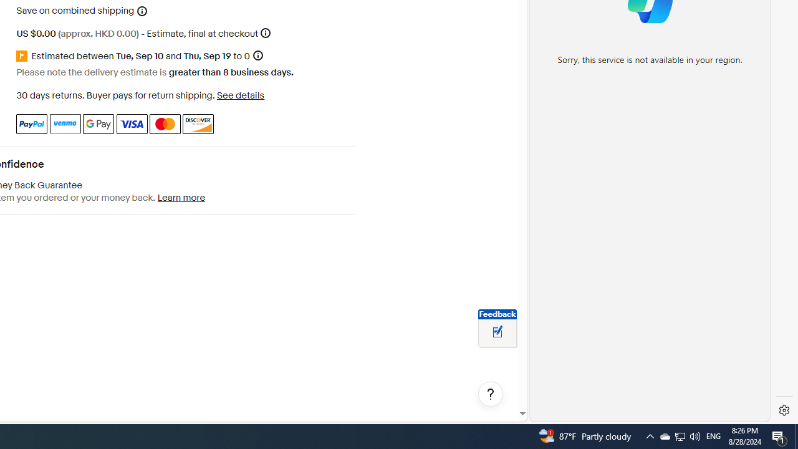  What do you see at coordinates (98, 123) in the screenshot?
I see `'Google Pay'` at bounding box center [98, 123].